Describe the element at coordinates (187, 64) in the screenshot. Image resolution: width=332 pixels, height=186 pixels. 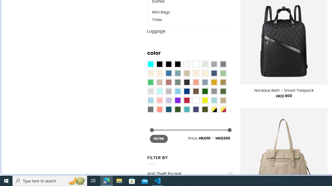
I see `'Pearly White'` at that location.